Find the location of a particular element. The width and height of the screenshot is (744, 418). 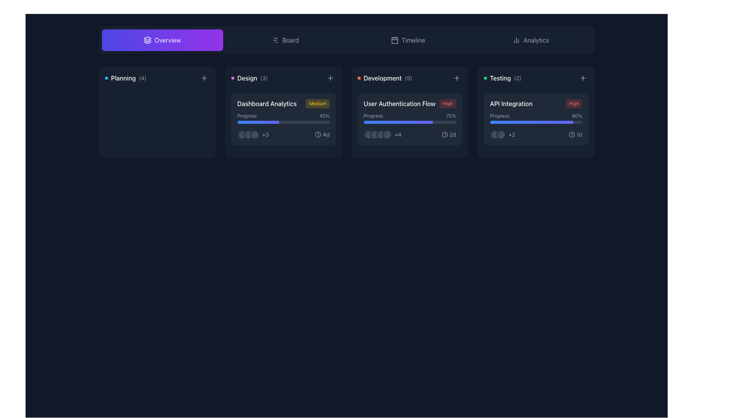

the percentage visually represented by the filled portion of the progress bar under the 'User Authentication Flow' card in the 'Development' section is located at coordinates (398, 122).